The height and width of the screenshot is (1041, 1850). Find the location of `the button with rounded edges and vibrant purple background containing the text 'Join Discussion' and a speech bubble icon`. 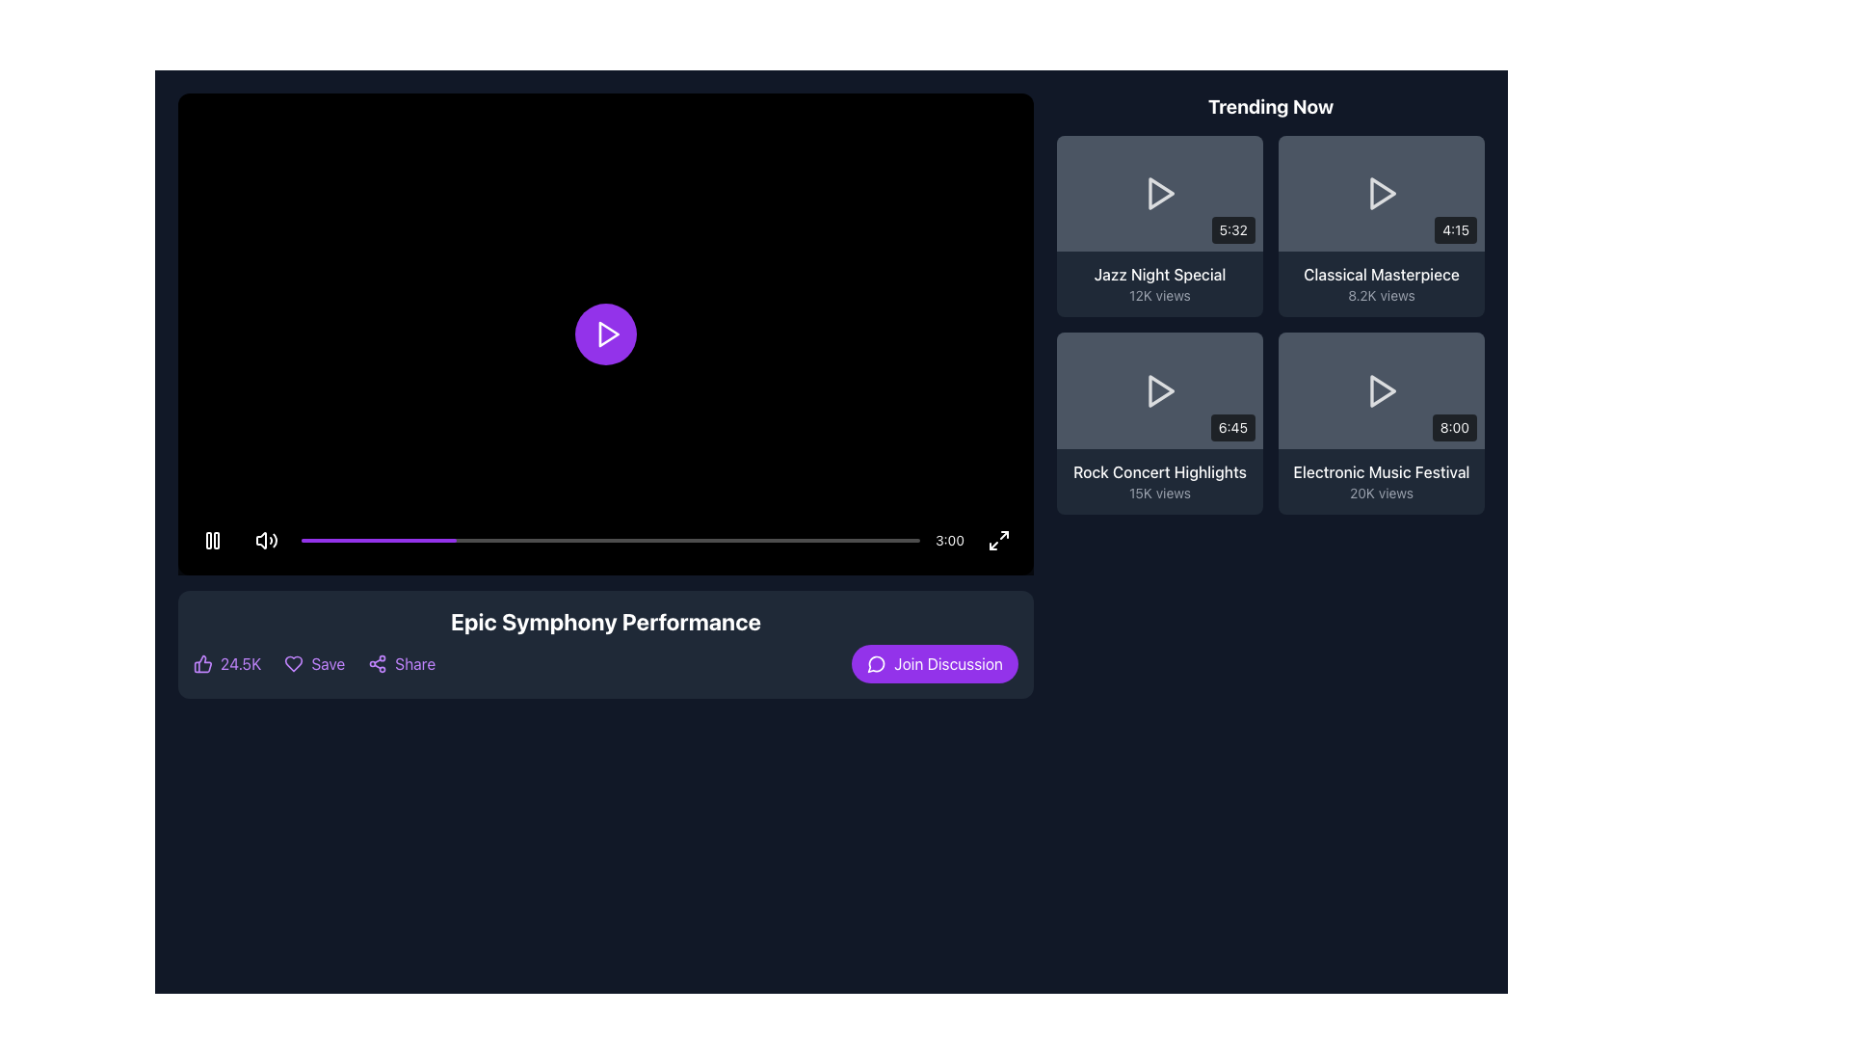

the button with rounded edges and vibrant purple background containing the text 'Join Discussion' and a speech bubble icon is located at coordinates (935, 662).